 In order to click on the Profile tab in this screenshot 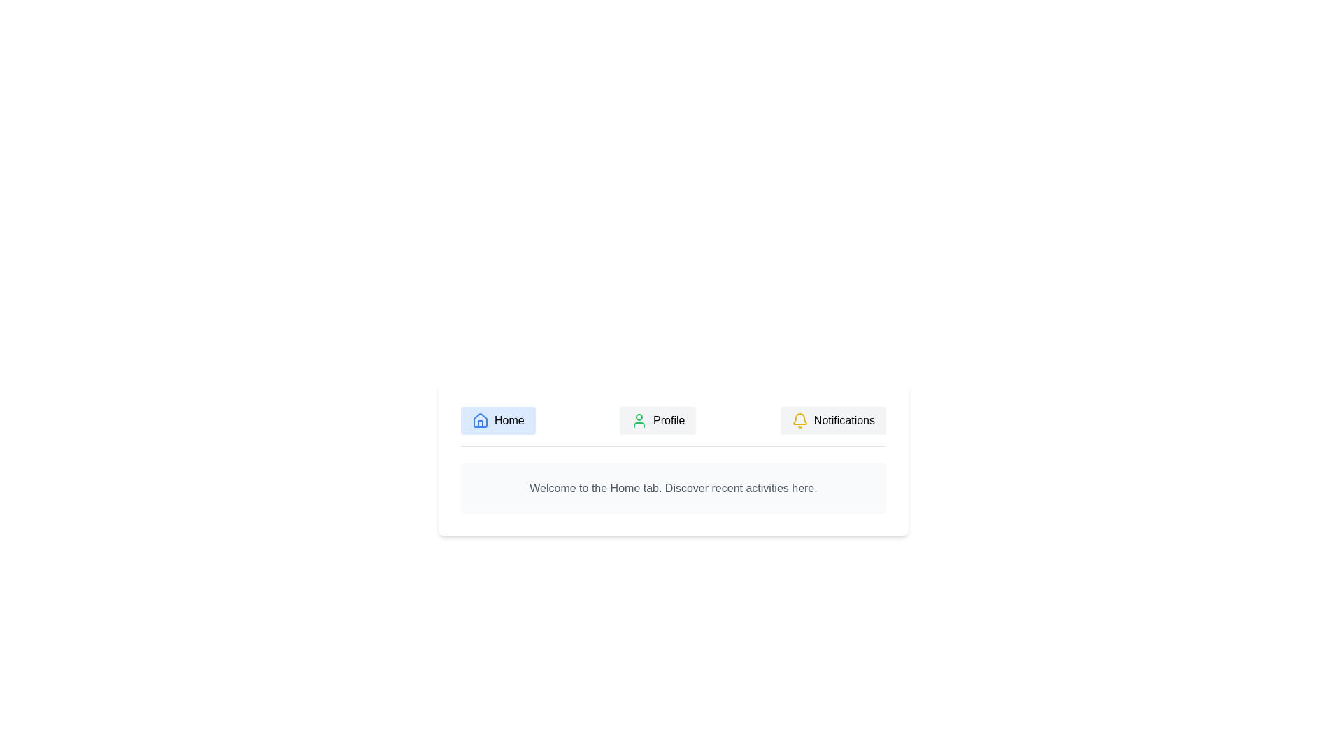, I will do `click(657, 419)`.